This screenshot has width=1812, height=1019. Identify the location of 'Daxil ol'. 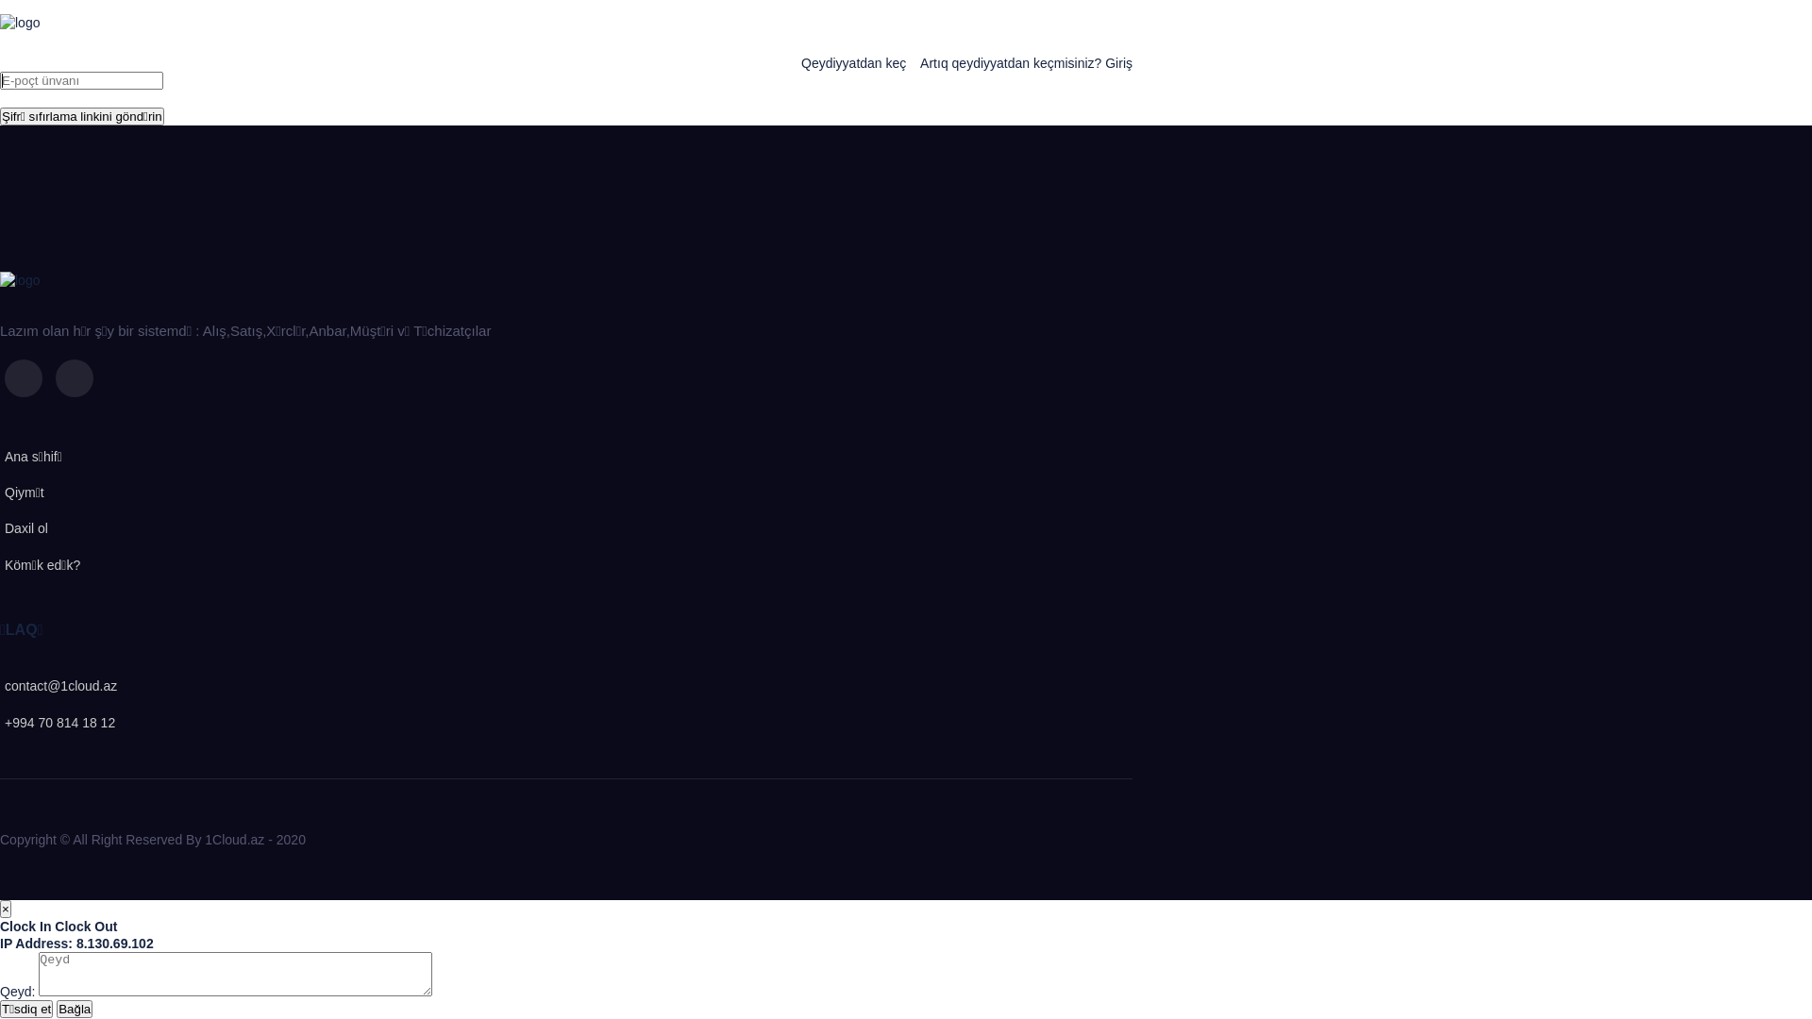
(24, 527).